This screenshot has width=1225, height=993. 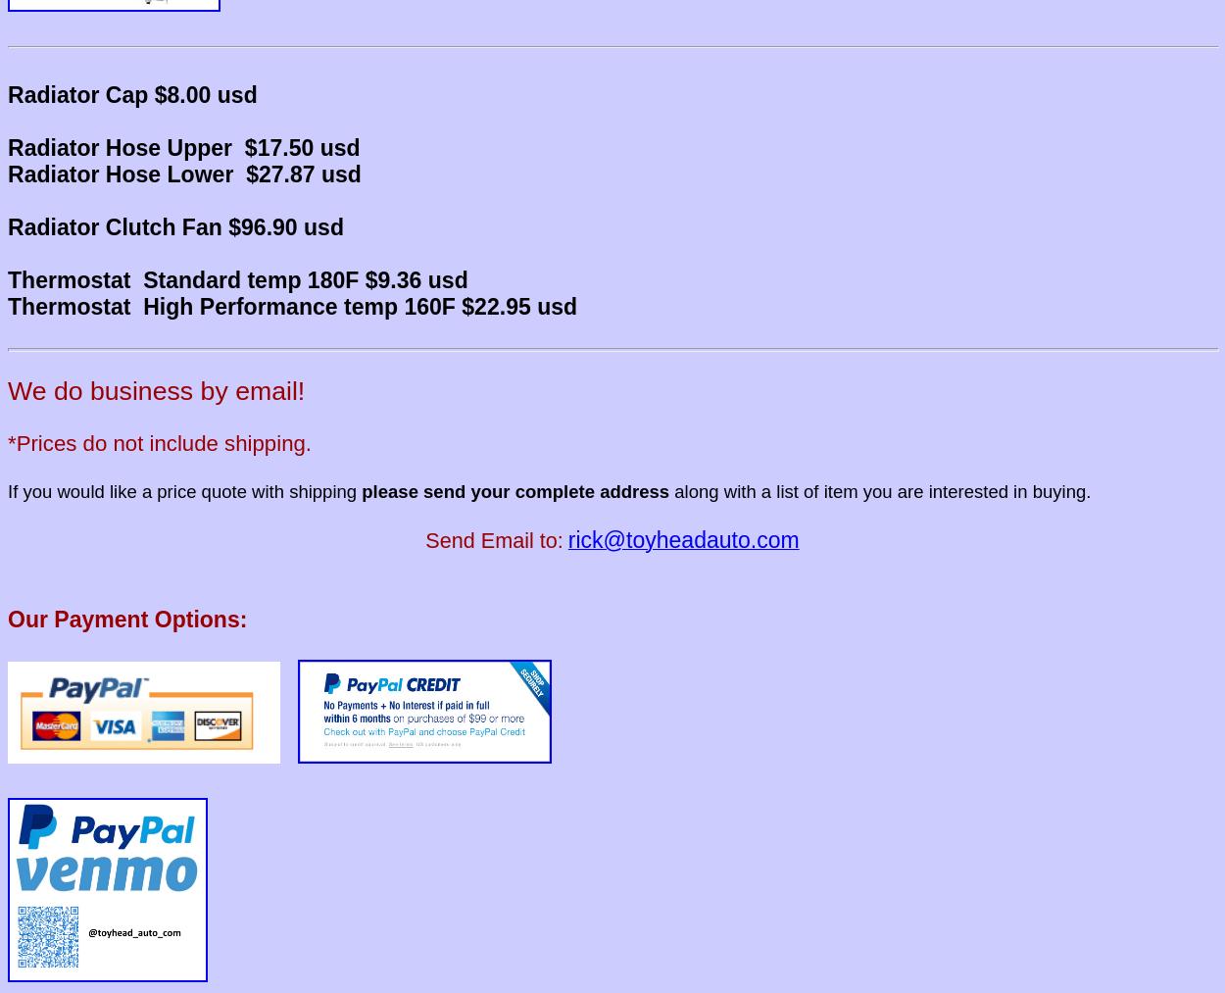 What do you see at coordinates (515, 489) in the screenshot?
I see `'please









                  send your complete address'` at bounding box center [515, 489].